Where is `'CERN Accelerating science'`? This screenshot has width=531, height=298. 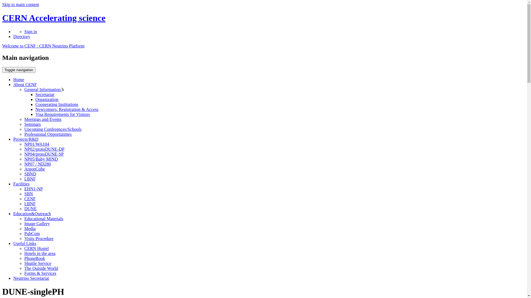
'CERN Accelerating science' is located at coordinates (54, 18).